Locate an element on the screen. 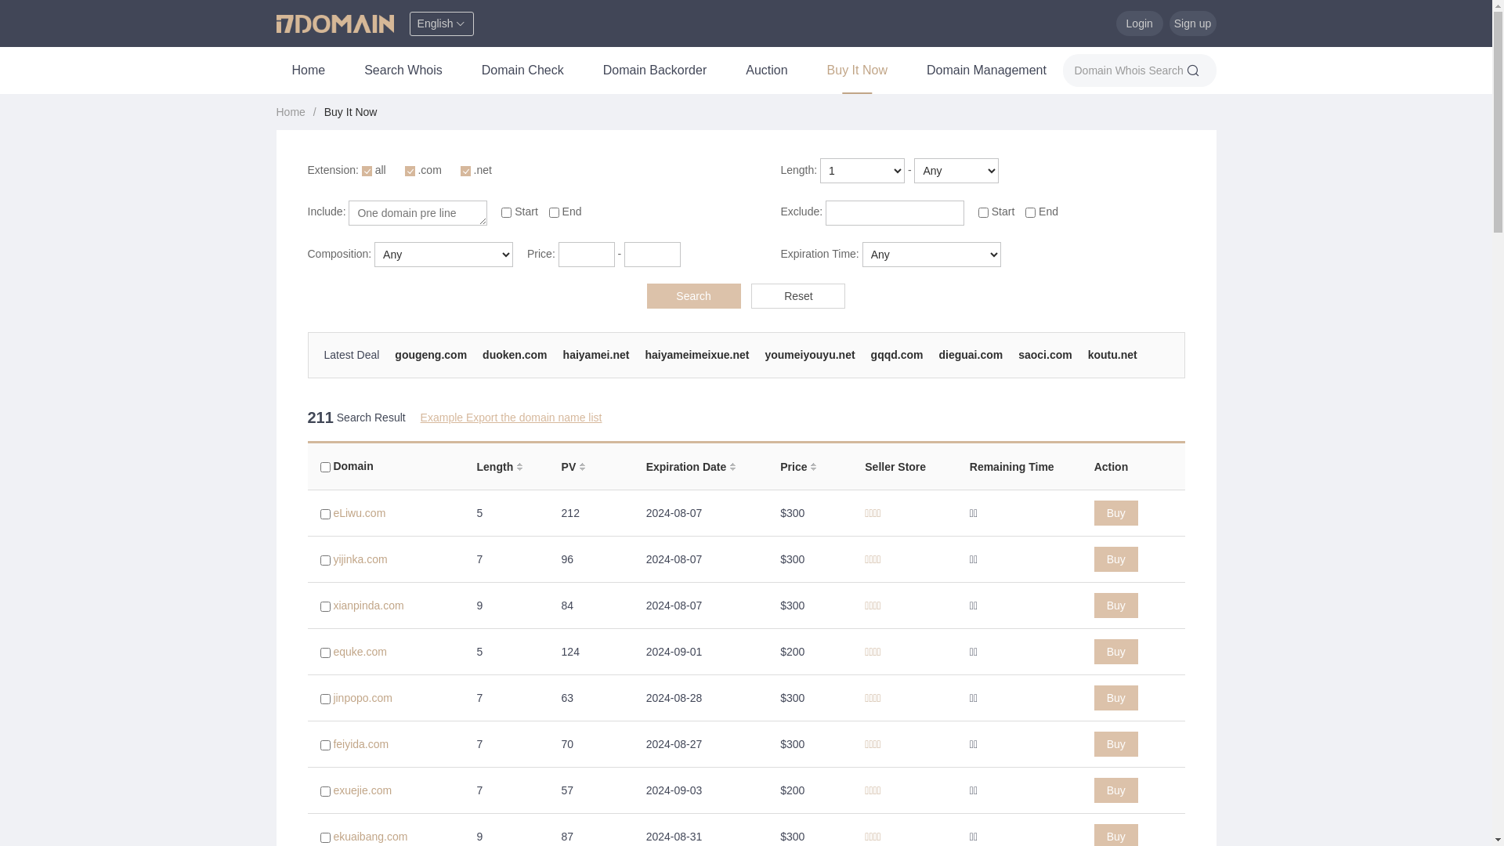  'Search Whois' is located at coordinates (403, 69).